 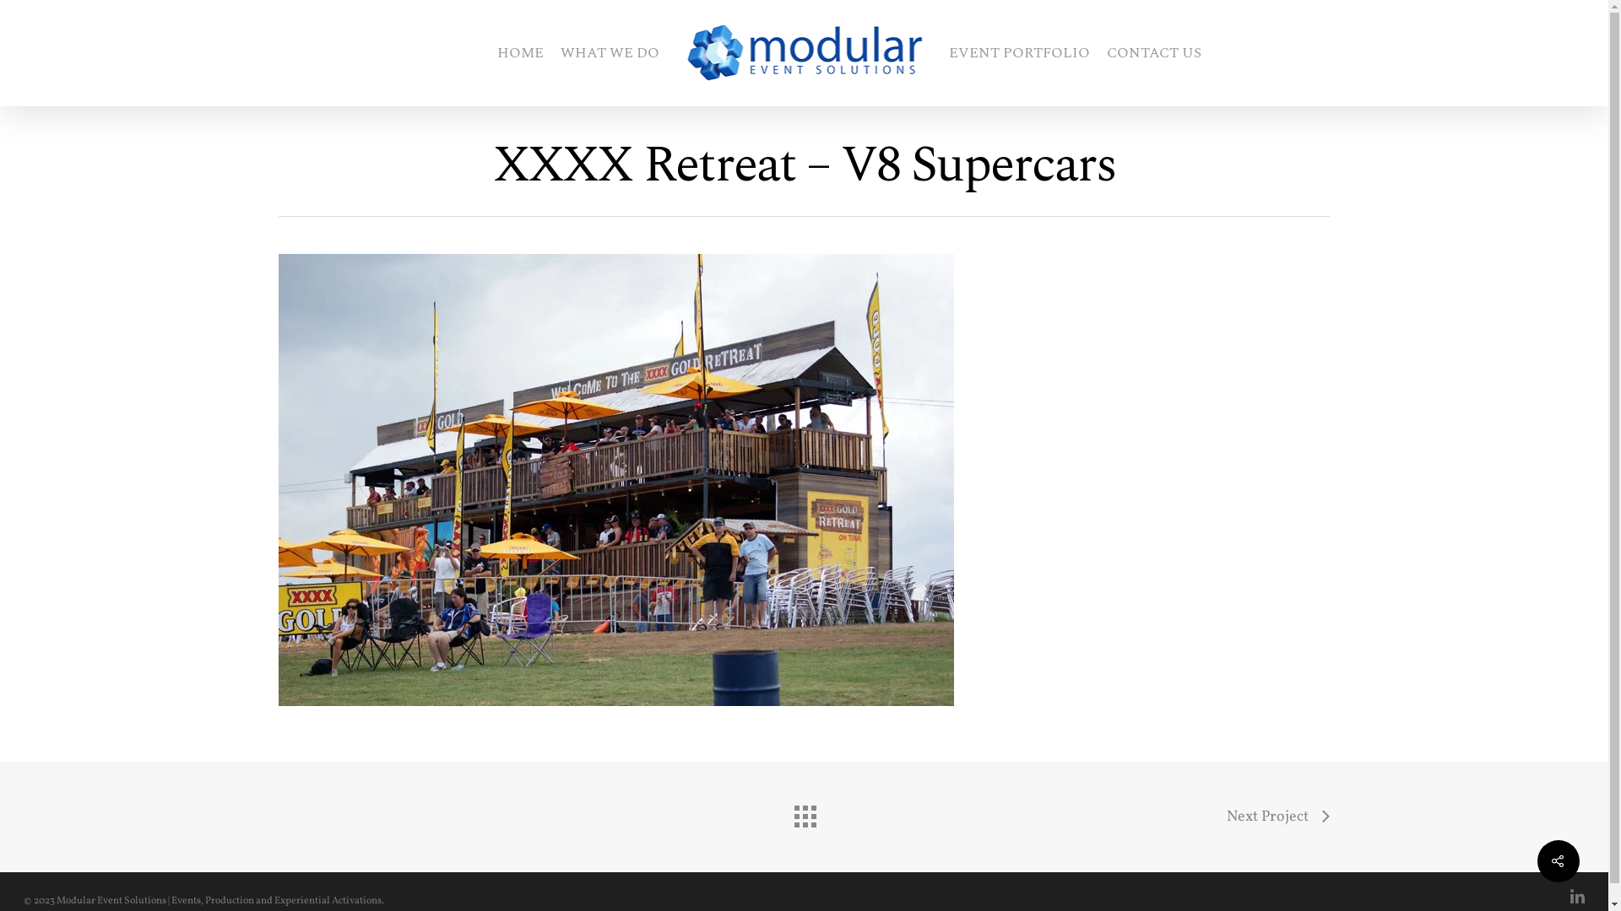 What do you see at coordinates (785, 811) in the screenshot?
I see `'Back to all projects'` at bounding box center [785, 811].